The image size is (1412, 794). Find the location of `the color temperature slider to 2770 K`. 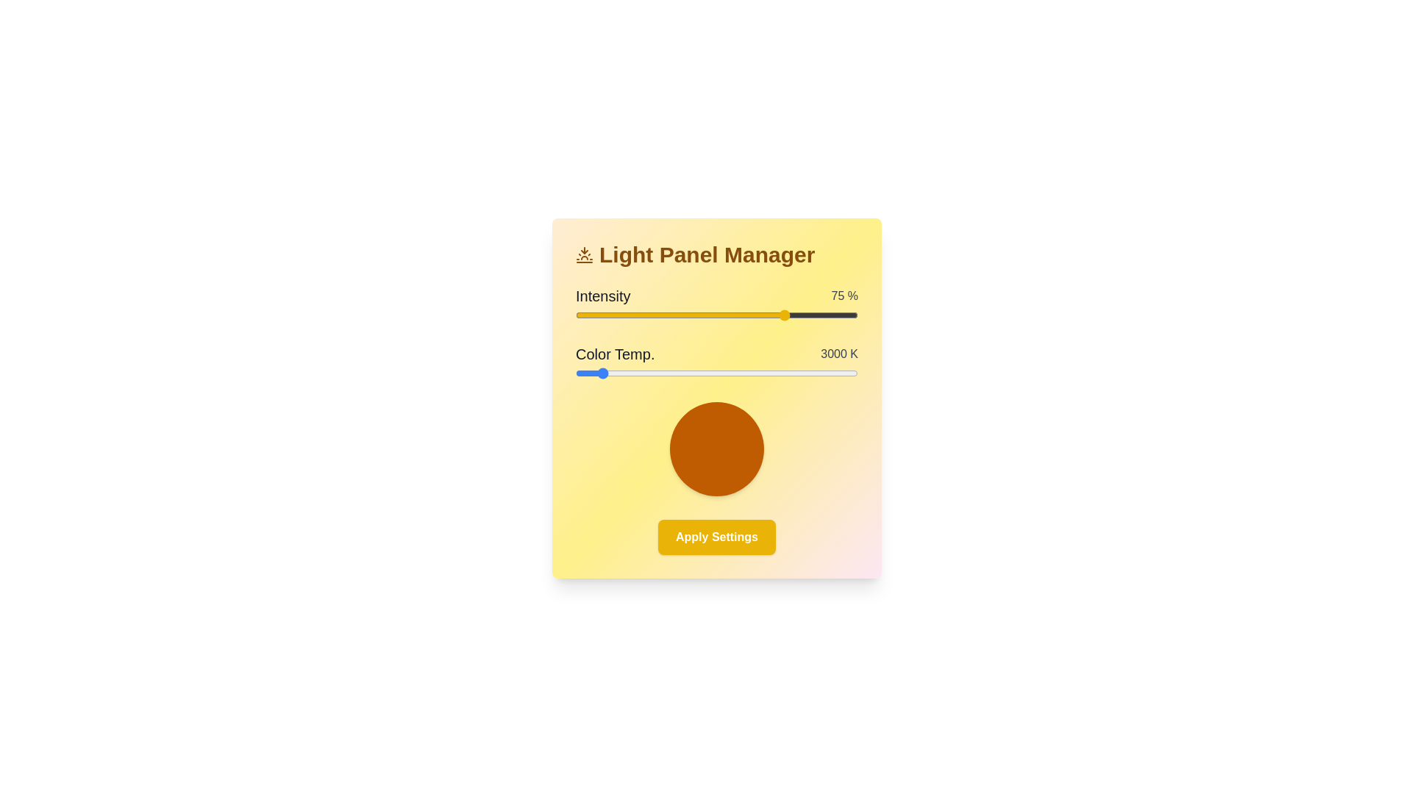

the color temperature slider to 2770 K is located at coordinates (580, 373).